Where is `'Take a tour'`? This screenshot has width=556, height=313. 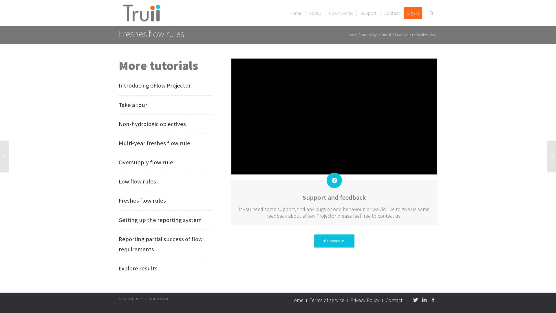 'Take a tour' is located at coordinates (133, 105).